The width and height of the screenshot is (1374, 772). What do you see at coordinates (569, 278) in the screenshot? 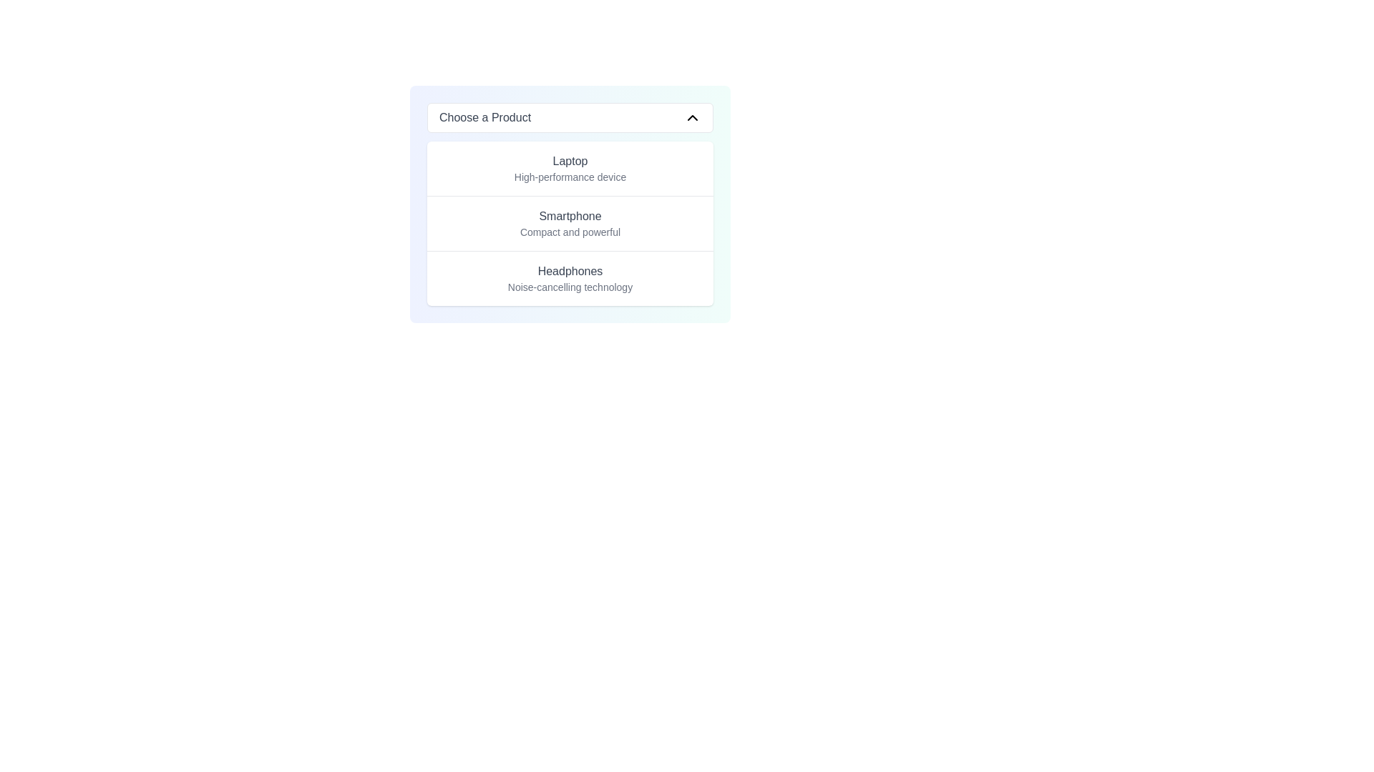
I see `the dropdown menu option labeled 'Headphones' with the subtitle 'Noise-cancelling technology'` at bounding box center [569, 278].